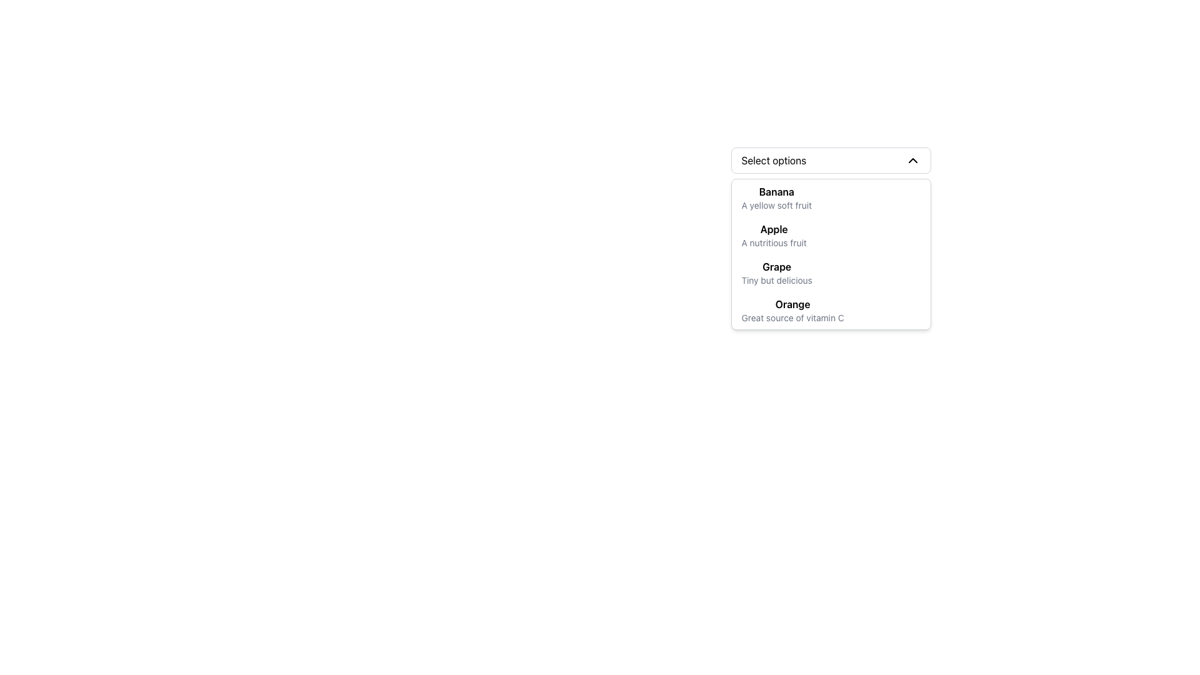  I want to click on the Dropdown trigger button labeled 'Select options', so click(831, 160).